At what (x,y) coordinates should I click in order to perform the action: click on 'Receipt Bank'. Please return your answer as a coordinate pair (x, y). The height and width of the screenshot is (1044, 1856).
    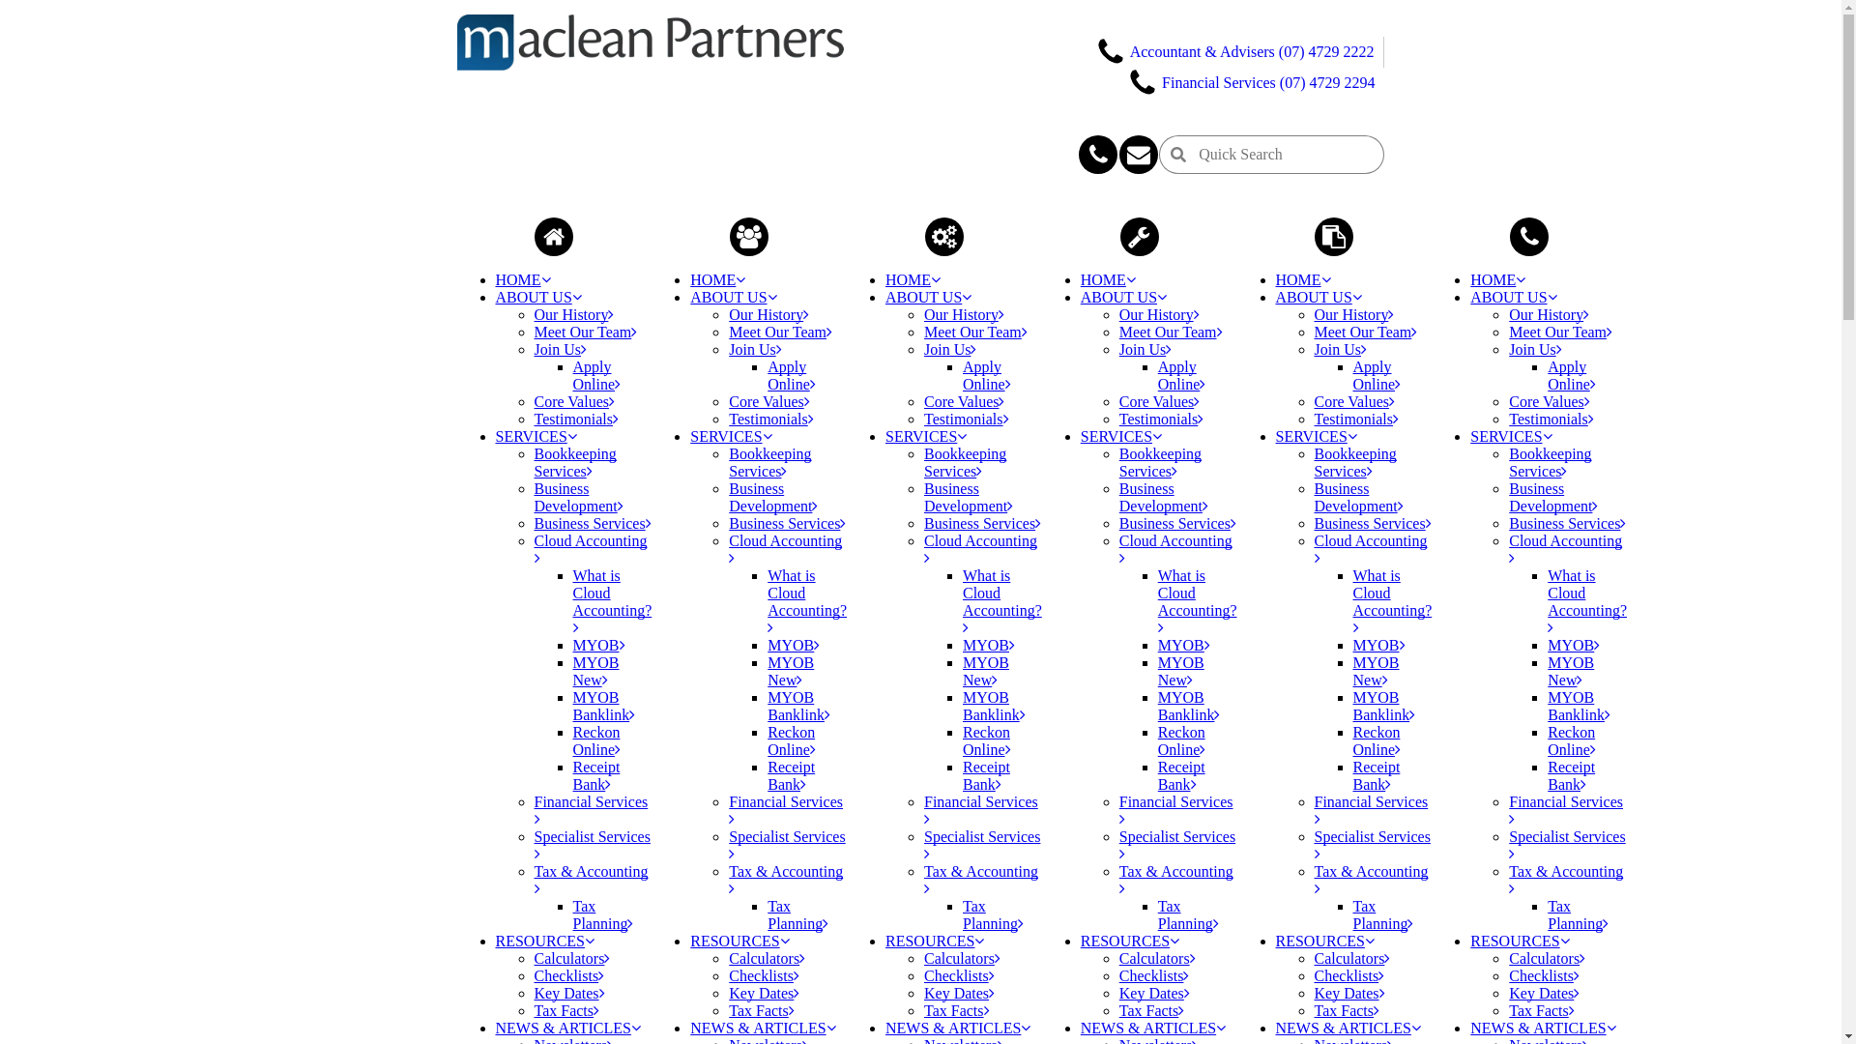
    Looking at the image, I should click on (1352, 774).